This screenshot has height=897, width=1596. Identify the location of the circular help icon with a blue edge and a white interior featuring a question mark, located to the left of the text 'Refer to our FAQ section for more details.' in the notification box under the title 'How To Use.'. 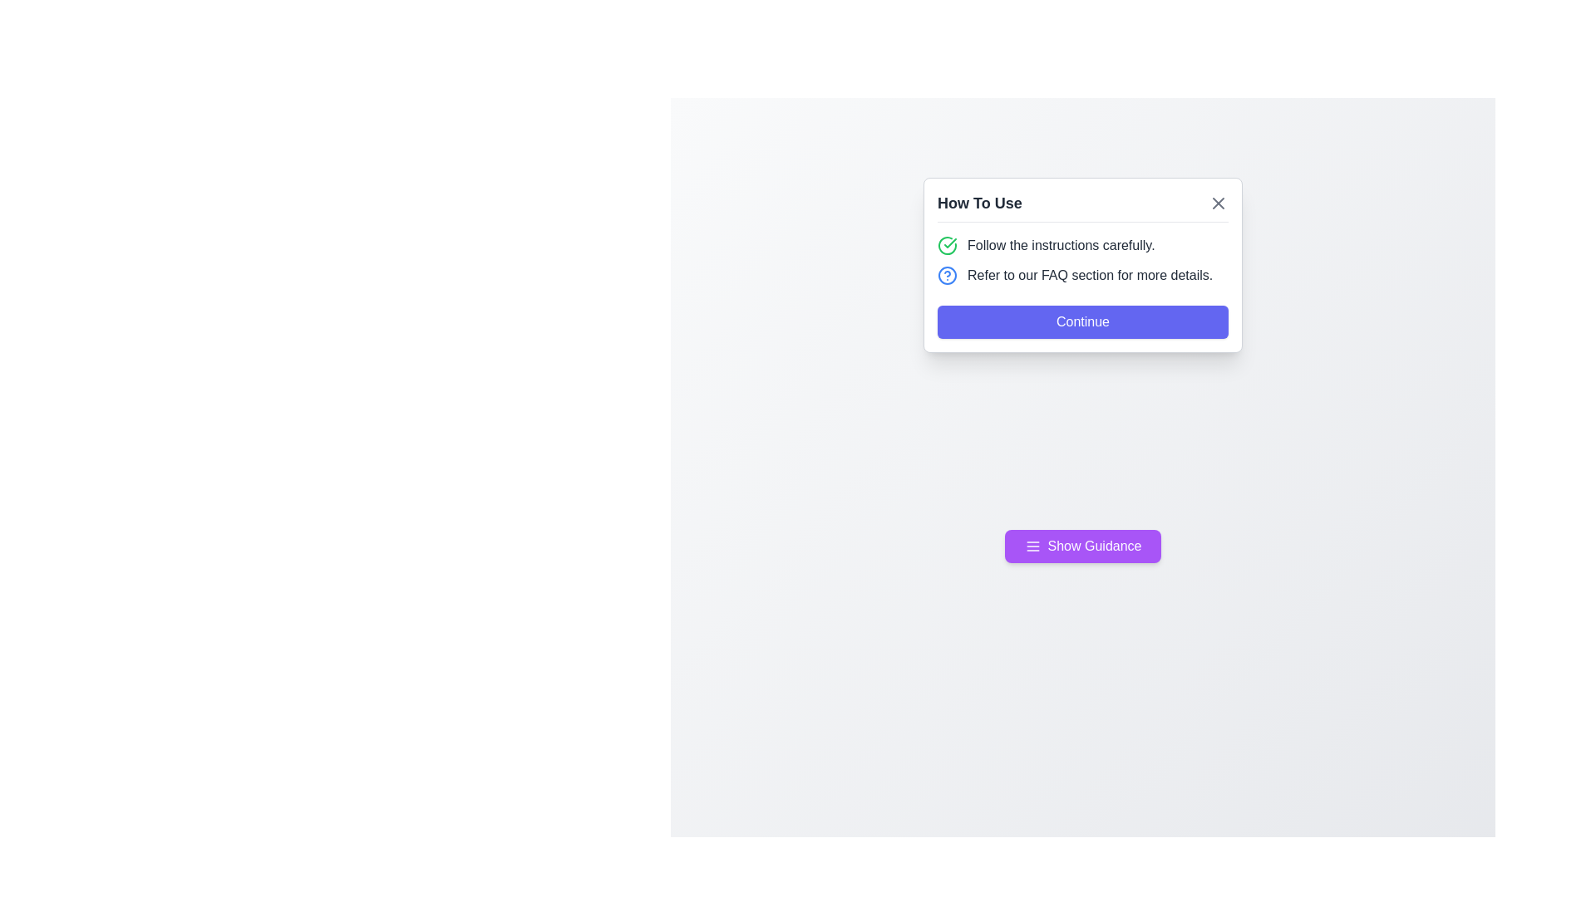
(948, 274).